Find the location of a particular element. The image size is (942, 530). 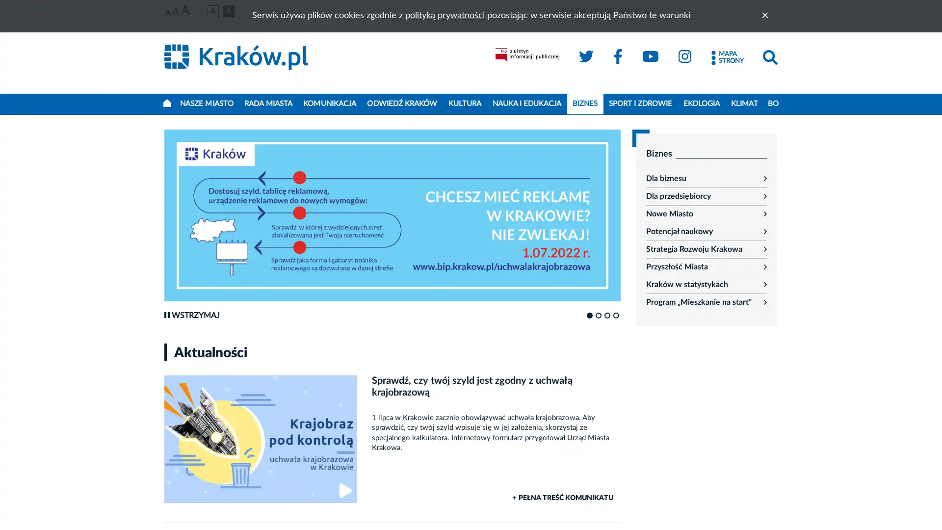

Szukaj is located at coordinates (769, 57).